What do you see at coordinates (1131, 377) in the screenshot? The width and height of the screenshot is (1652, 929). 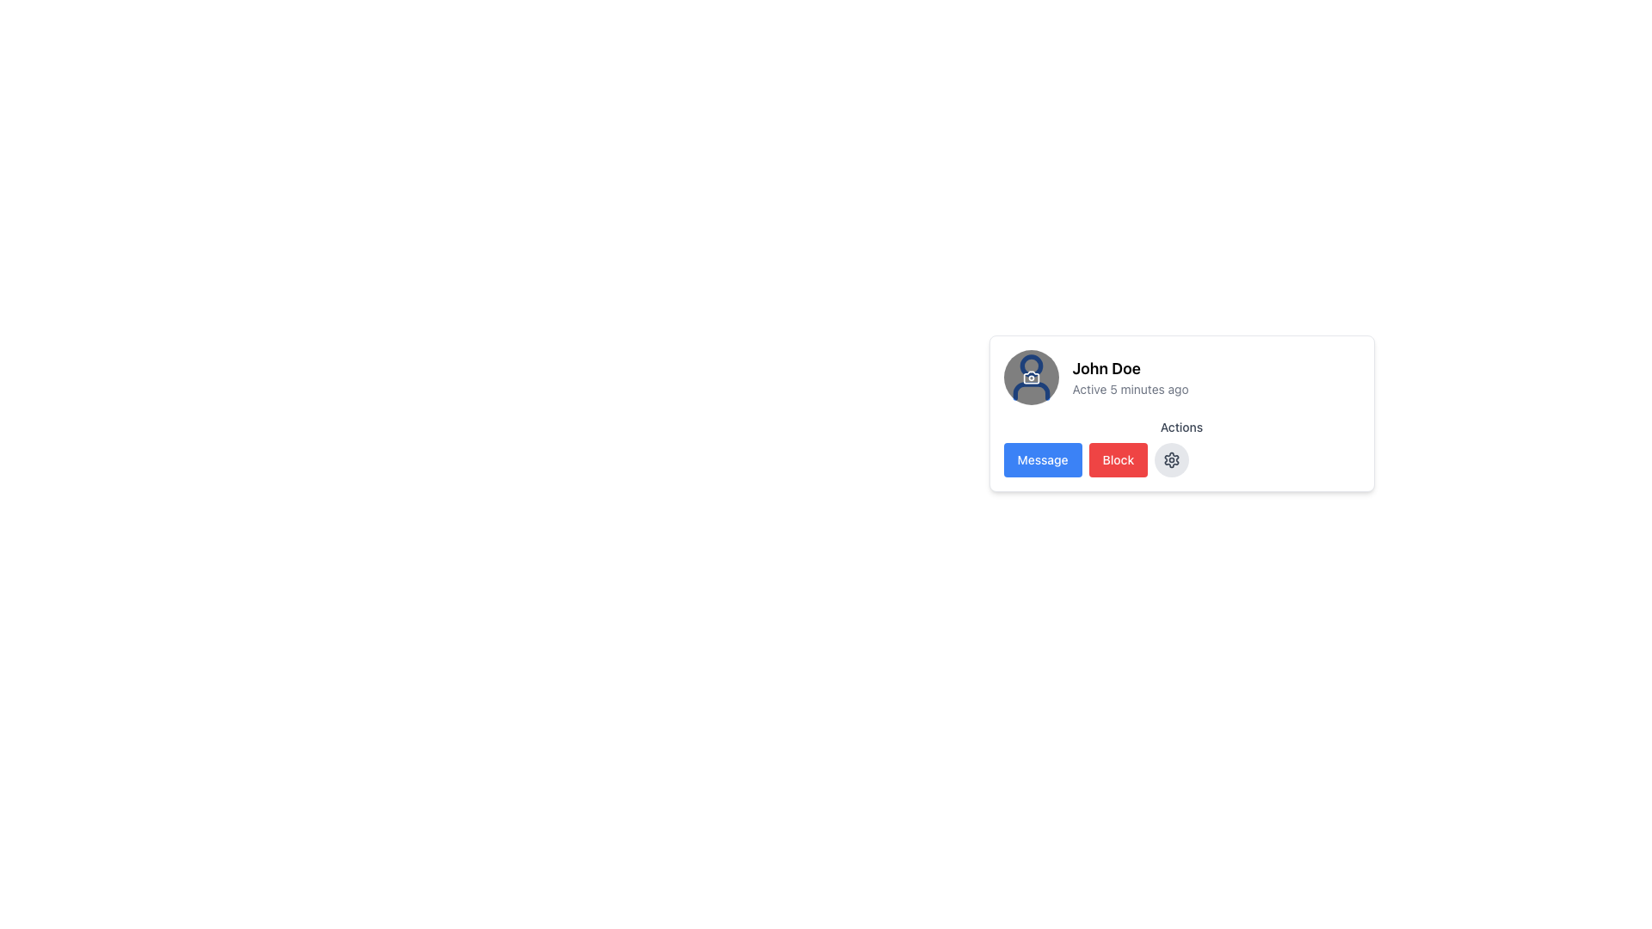 I see `the name text block displaying the user's name and last activity status, which is positioned to the right of a circular avatar image within the card layout` at bounding box center [1131, 377].